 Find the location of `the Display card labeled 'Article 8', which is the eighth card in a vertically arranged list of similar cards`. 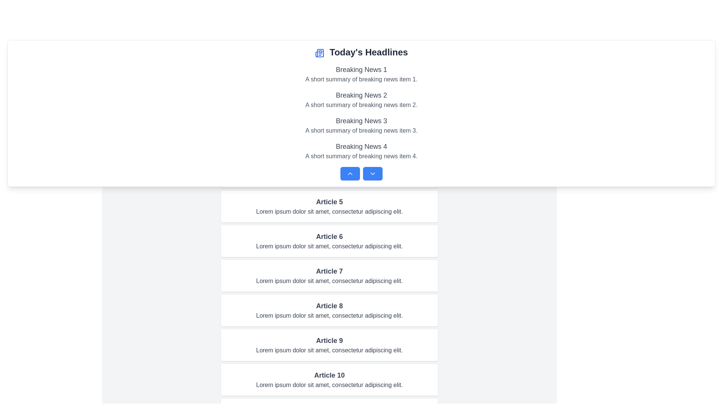

the Display card labeled 'Article 8', which is the eighth card in a vertically arranged list of similar cards is located at coordinates (329, 311).